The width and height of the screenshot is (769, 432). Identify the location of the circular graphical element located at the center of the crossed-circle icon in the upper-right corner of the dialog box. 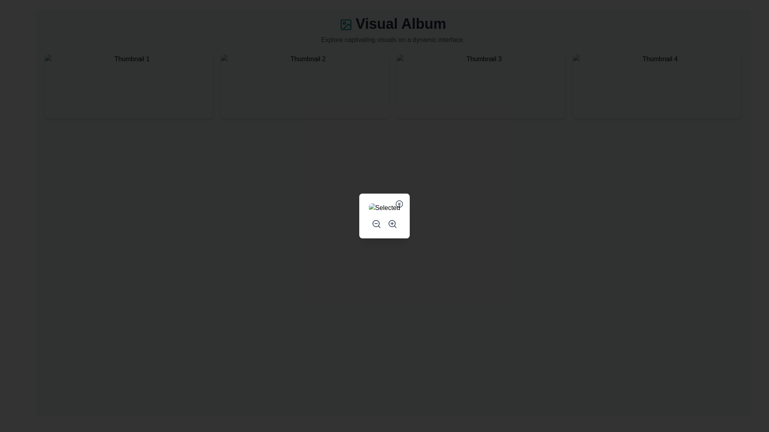
(399, 203).